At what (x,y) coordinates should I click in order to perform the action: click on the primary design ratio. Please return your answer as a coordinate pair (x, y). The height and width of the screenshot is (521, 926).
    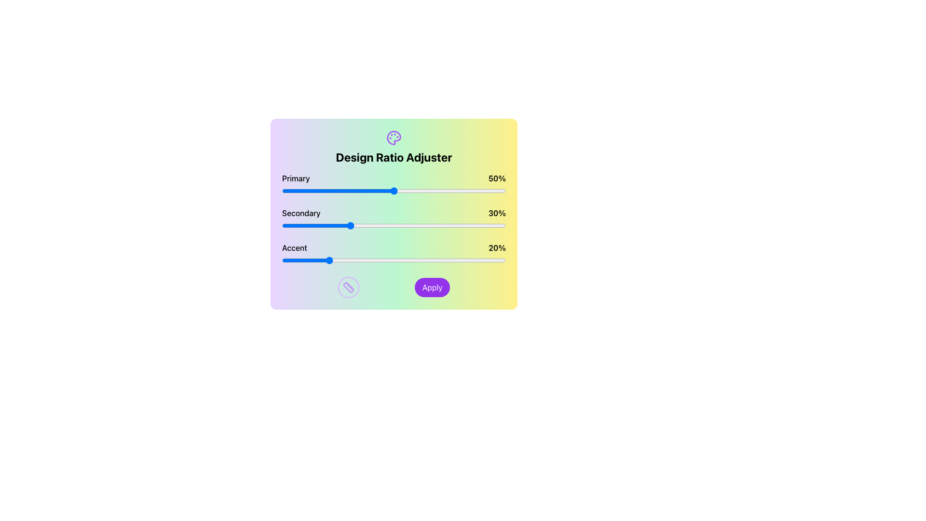
    Looking at the image, I should click on (353, 191).